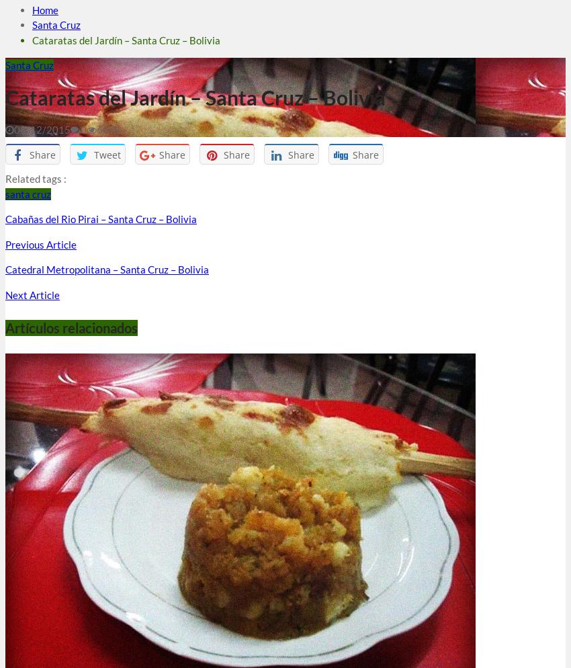 The width and height of the screenshot is (571, 668). Describe the element at coordinates (45, 9) in the screenshot. I see `'Home'` at that location.